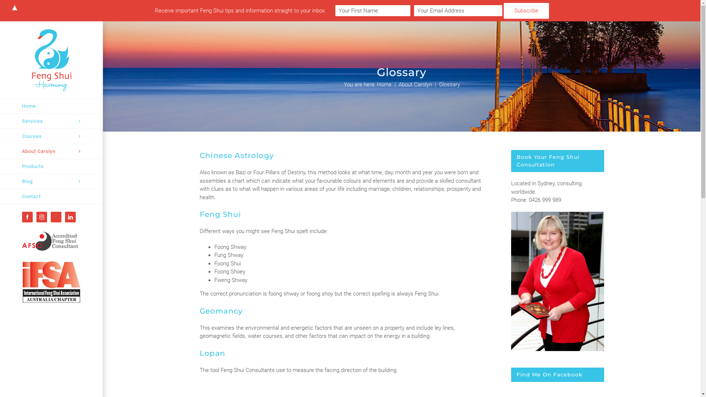  I want to click on 'Twitter', so click(56, 217).